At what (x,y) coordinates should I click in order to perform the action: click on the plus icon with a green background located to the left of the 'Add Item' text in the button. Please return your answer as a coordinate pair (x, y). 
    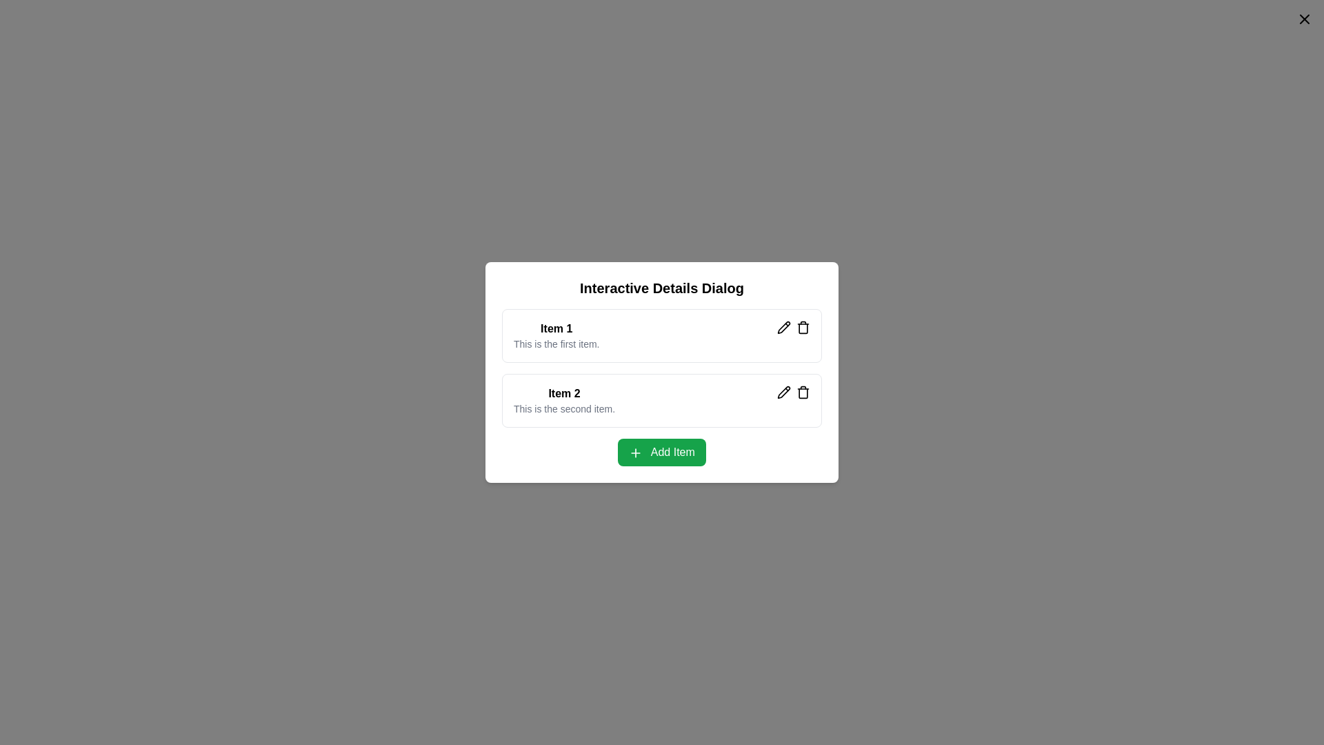
    Looking at the image, I should click on (635, 453).